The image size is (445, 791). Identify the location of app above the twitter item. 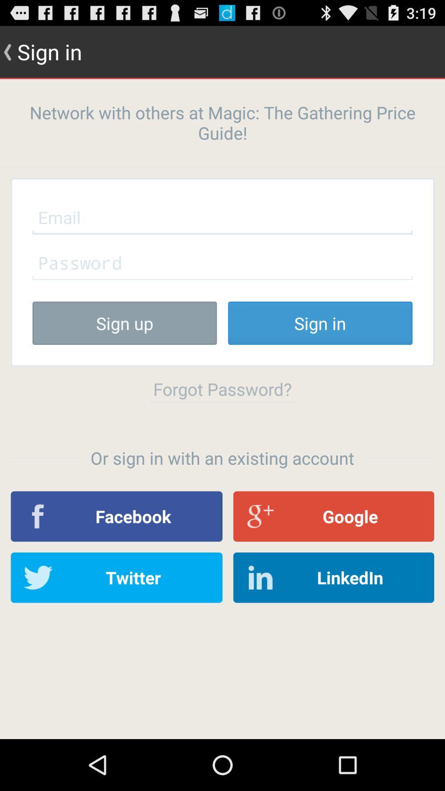
(117, 516).